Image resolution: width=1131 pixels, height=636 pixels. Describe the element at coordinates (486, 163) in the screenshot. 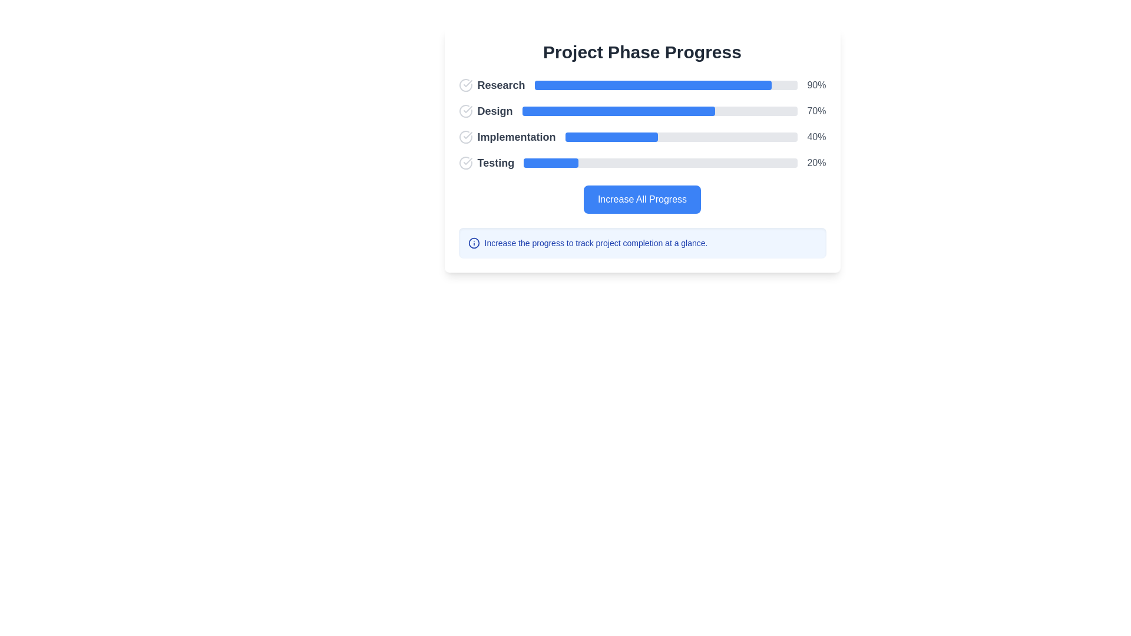

I see `the phase represented` at that location.